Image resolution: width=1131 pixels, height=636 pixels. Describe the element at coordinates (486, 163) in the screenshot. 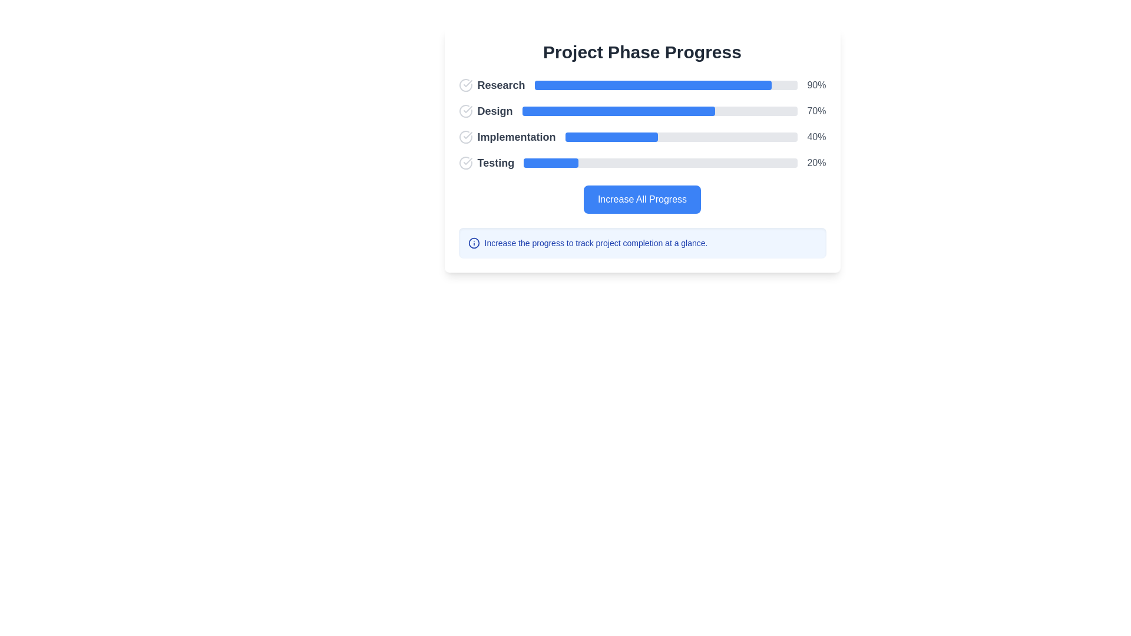

I see `the phase represented` at that location.